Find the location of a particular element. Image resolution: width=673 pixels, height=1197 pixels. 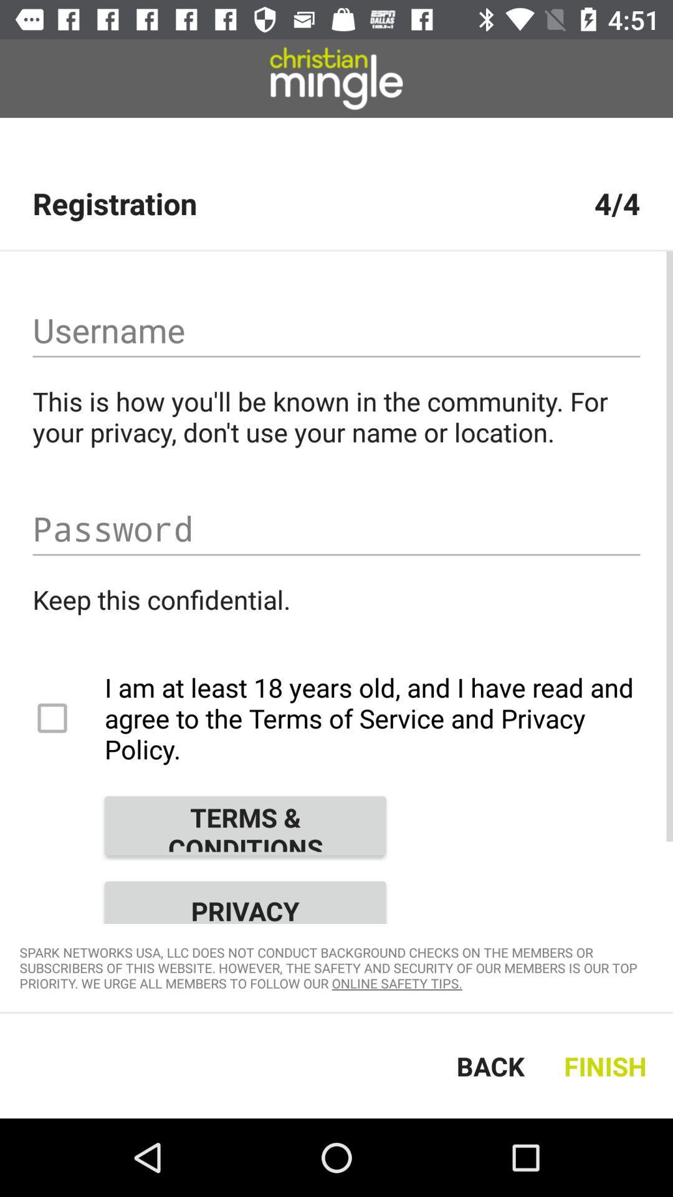

terms & conditions icon is located at coordinates (245, 825).